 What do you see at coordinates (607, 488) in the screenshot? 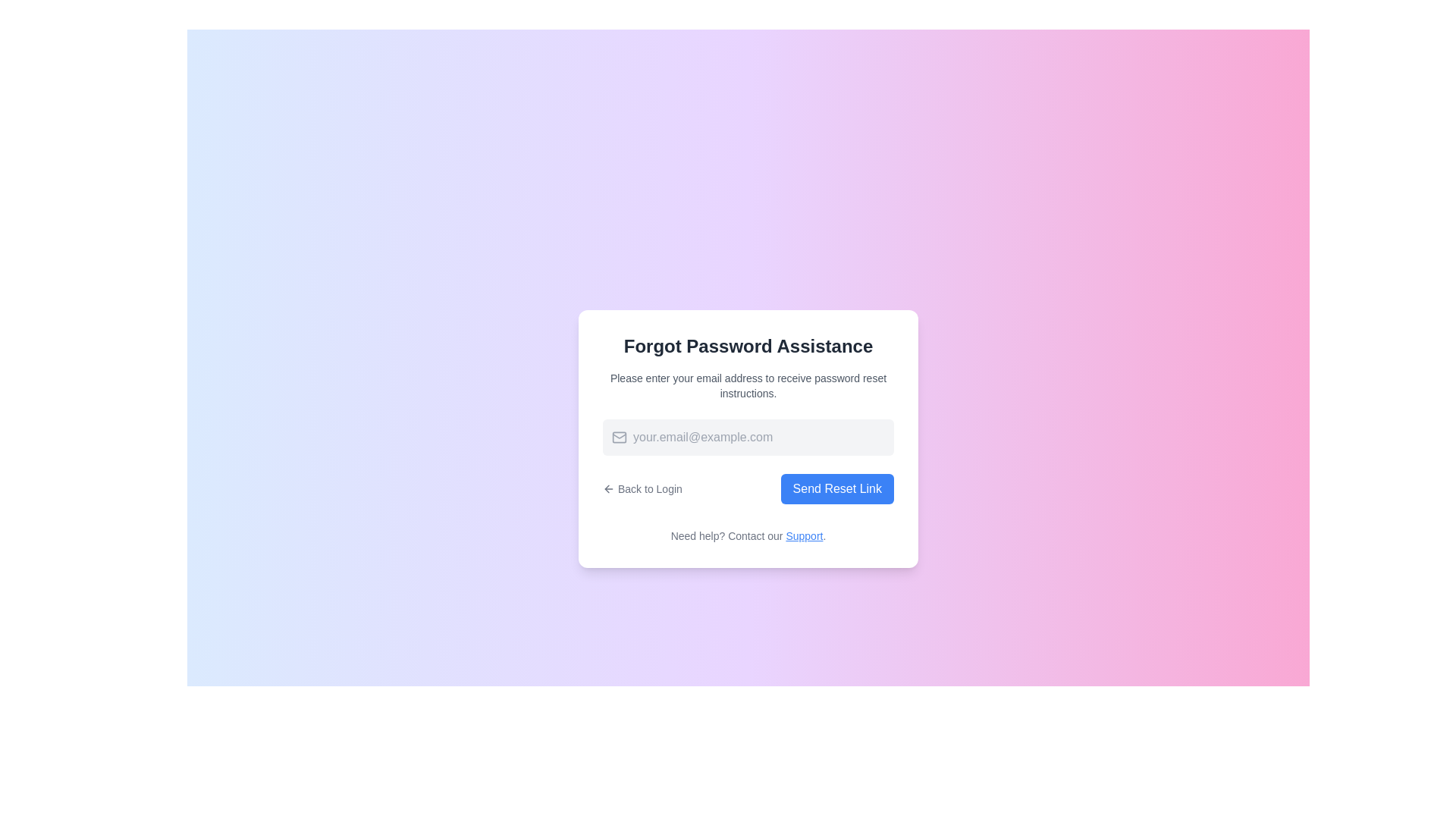
I see `the left-pointing arrow icon, which is part of a compact layout adjacent to the text 'Back to Login'` at bounding box center [607, 488].